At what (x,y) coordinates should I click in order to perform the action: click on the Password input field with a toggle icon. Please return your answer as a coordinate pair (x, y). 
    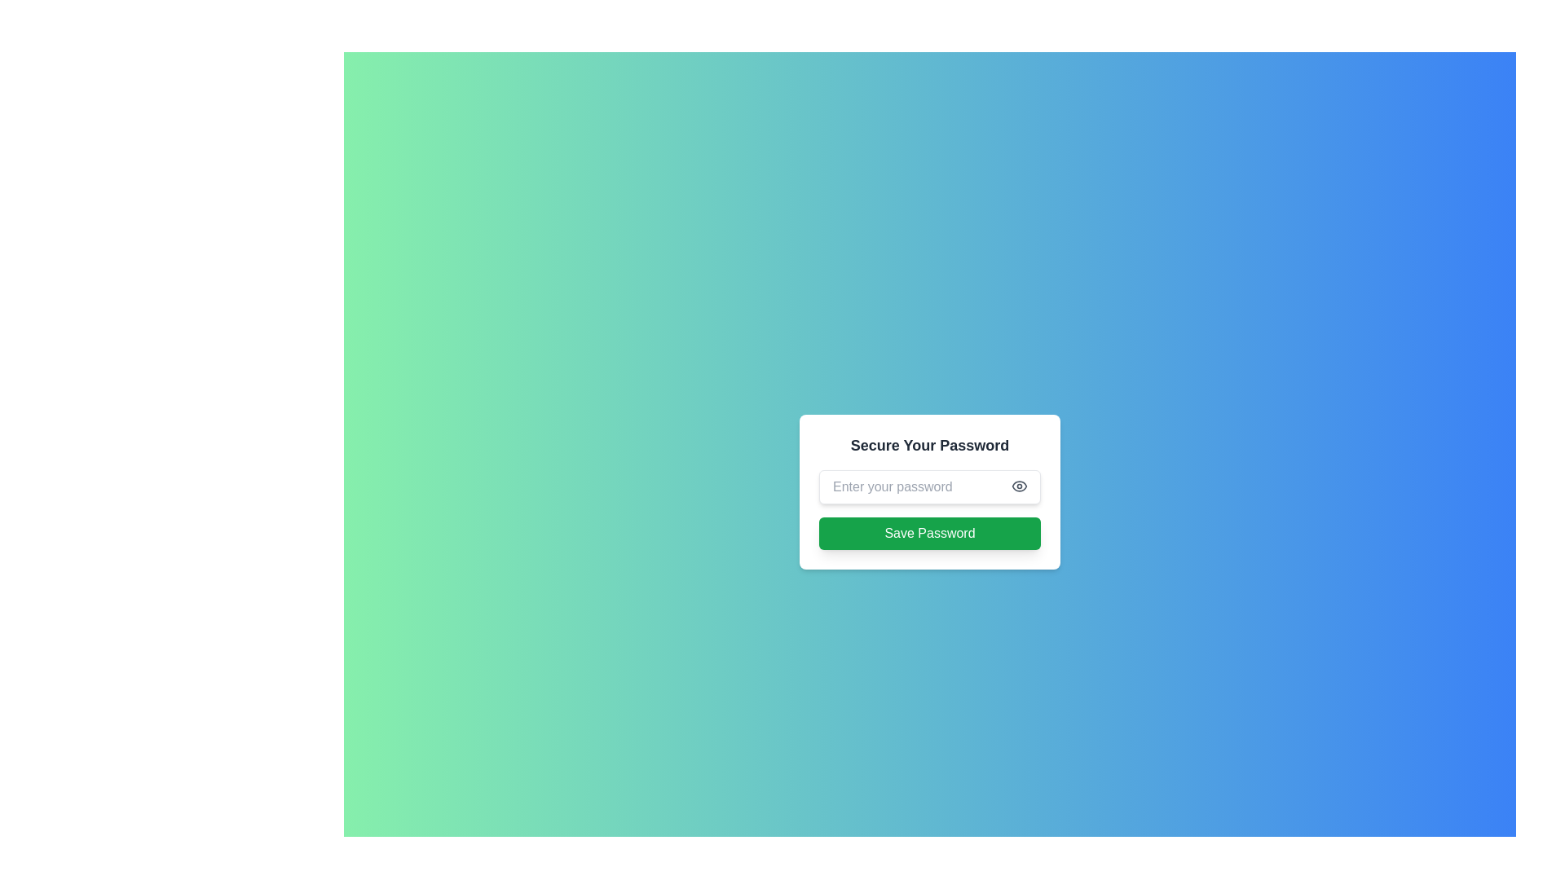
    Looking at the image, I should click on (930, 491).